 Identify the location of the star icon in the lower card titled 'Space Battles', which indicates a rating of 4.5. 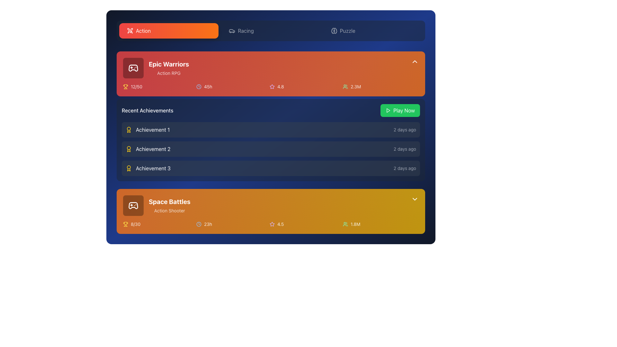
(272, 224).